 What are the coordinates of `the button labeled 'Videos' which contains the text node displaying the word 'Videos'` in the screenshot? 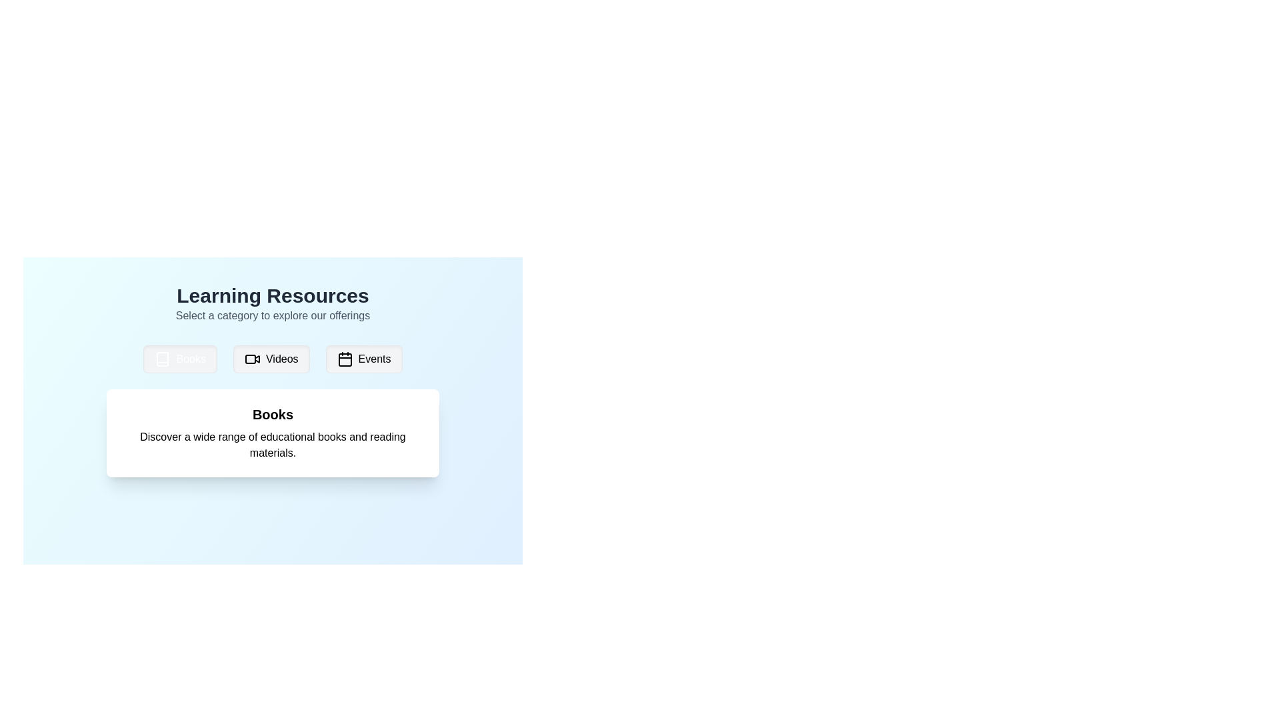 It's located at (281, 359).